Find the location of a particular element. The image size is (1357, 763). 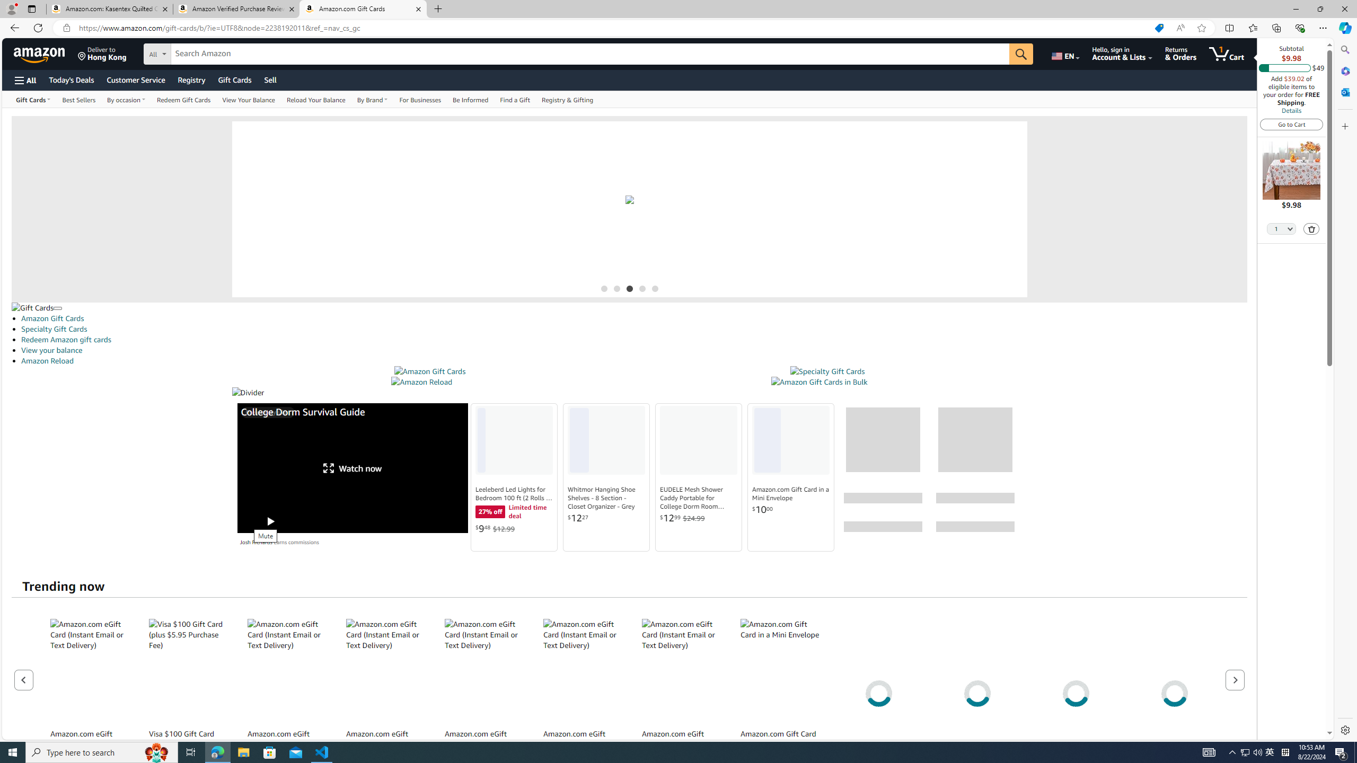

'Amazon' is located at coordinates (40, 53).